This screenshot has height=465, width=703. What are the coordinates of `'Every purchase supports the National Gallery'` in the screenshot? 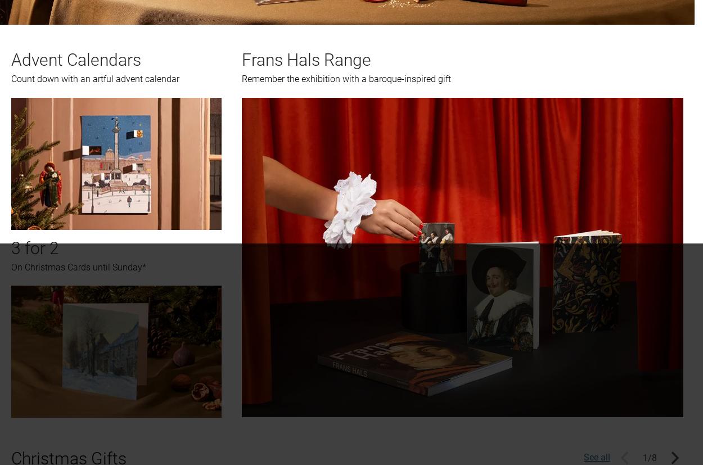 It's located at (346, 368).